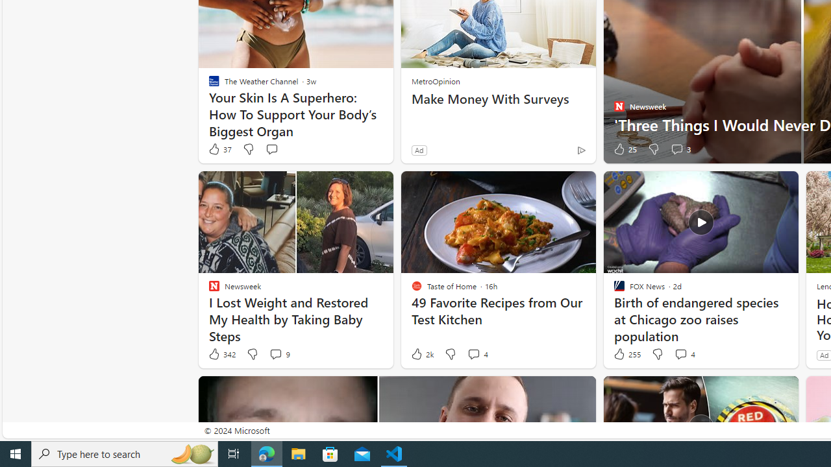 The width and height of the screenshot is (831, 467). What do you see at coordinates (676, 149) in the screenshot?
I see `'View comments 3 Comment'` at bounding box center [676, 149].